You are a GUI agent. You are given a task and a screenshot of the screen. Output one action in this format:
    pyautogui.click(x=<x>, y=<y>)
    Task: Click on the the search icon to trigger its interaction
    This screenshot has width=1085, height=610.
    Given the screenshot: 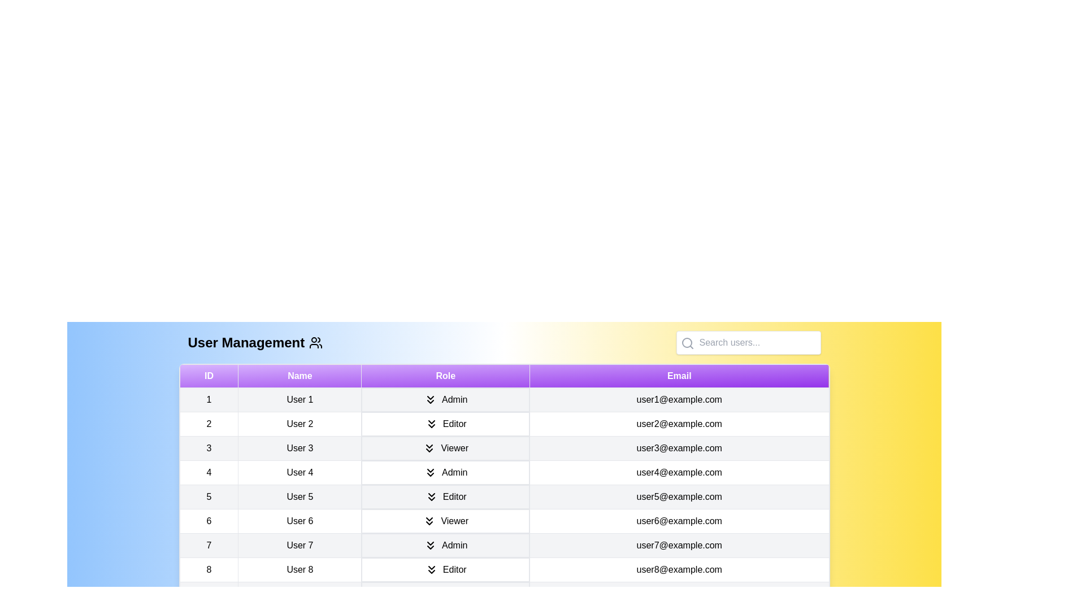 What is the action you would take?
    pyautogui.click(x=687, y=343)
    